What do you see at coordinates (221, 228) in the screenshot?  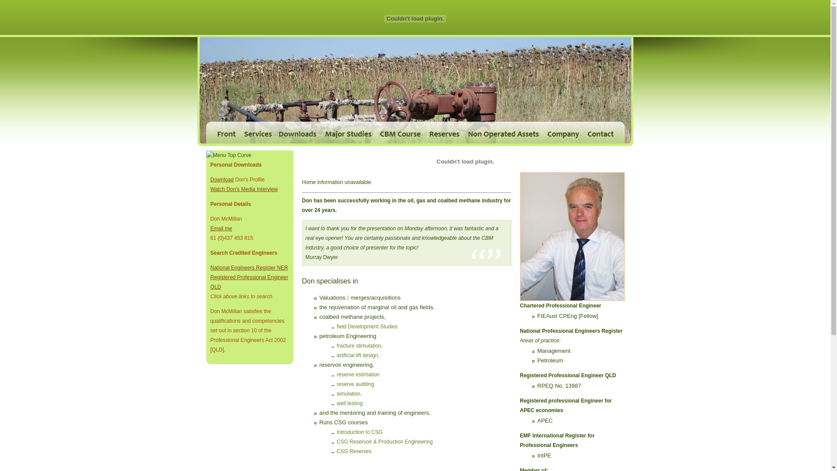 I see `'Email me'` at bounding box center [221, 228].